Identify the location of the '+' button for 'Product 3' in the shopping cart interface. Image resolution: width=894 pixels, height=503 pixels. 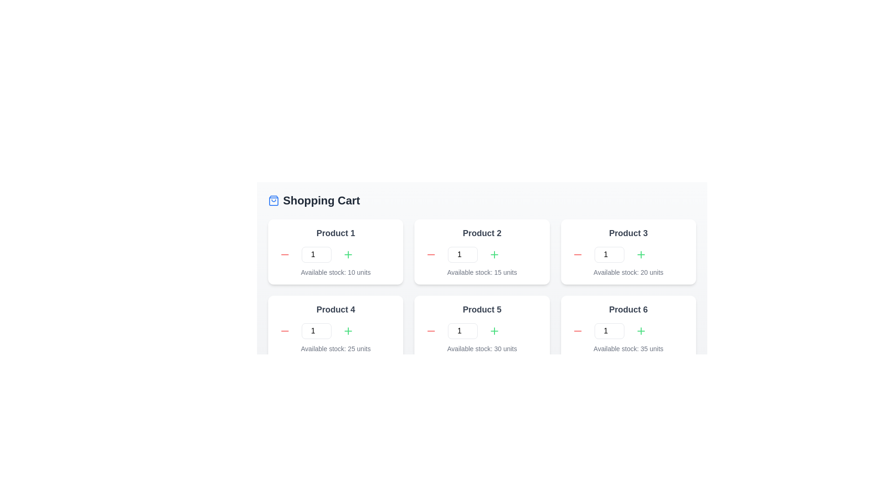
(640, 255).